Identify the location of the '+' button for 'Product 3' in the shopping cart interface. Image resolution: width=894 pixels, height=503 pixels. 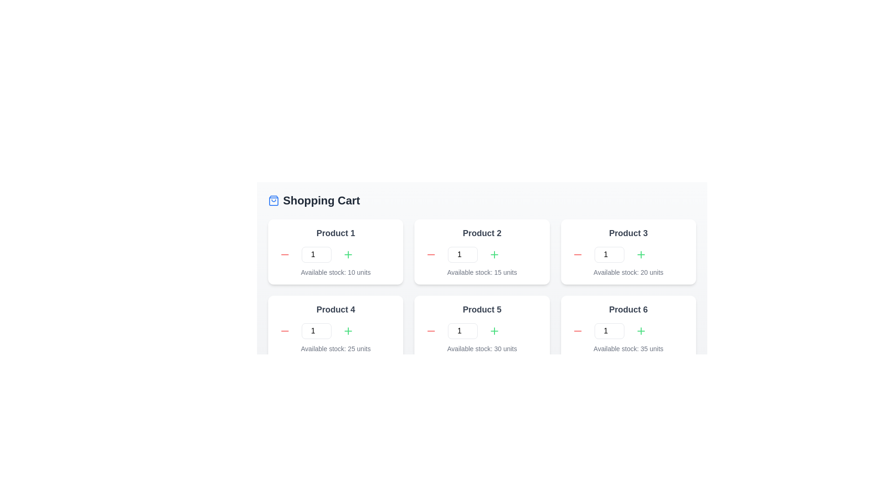
(640, 255).